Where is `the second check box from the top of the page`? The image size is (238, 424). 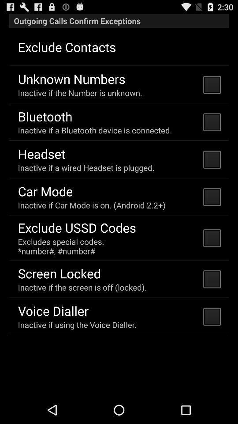
the second check box from the top of the page is located at coordinates (211, 121).